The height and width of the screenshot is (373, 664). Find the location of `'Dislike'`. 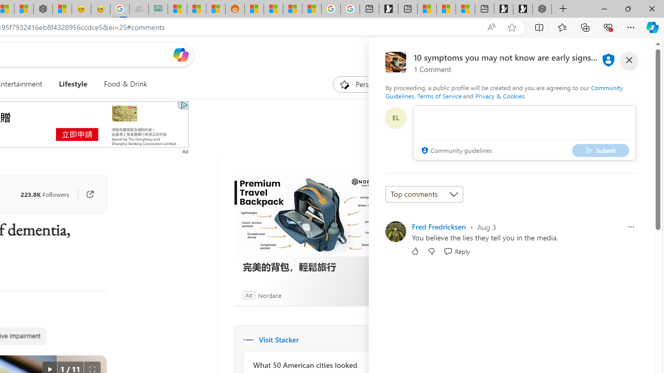

'Dislike' is located at coordinates (432, 251).